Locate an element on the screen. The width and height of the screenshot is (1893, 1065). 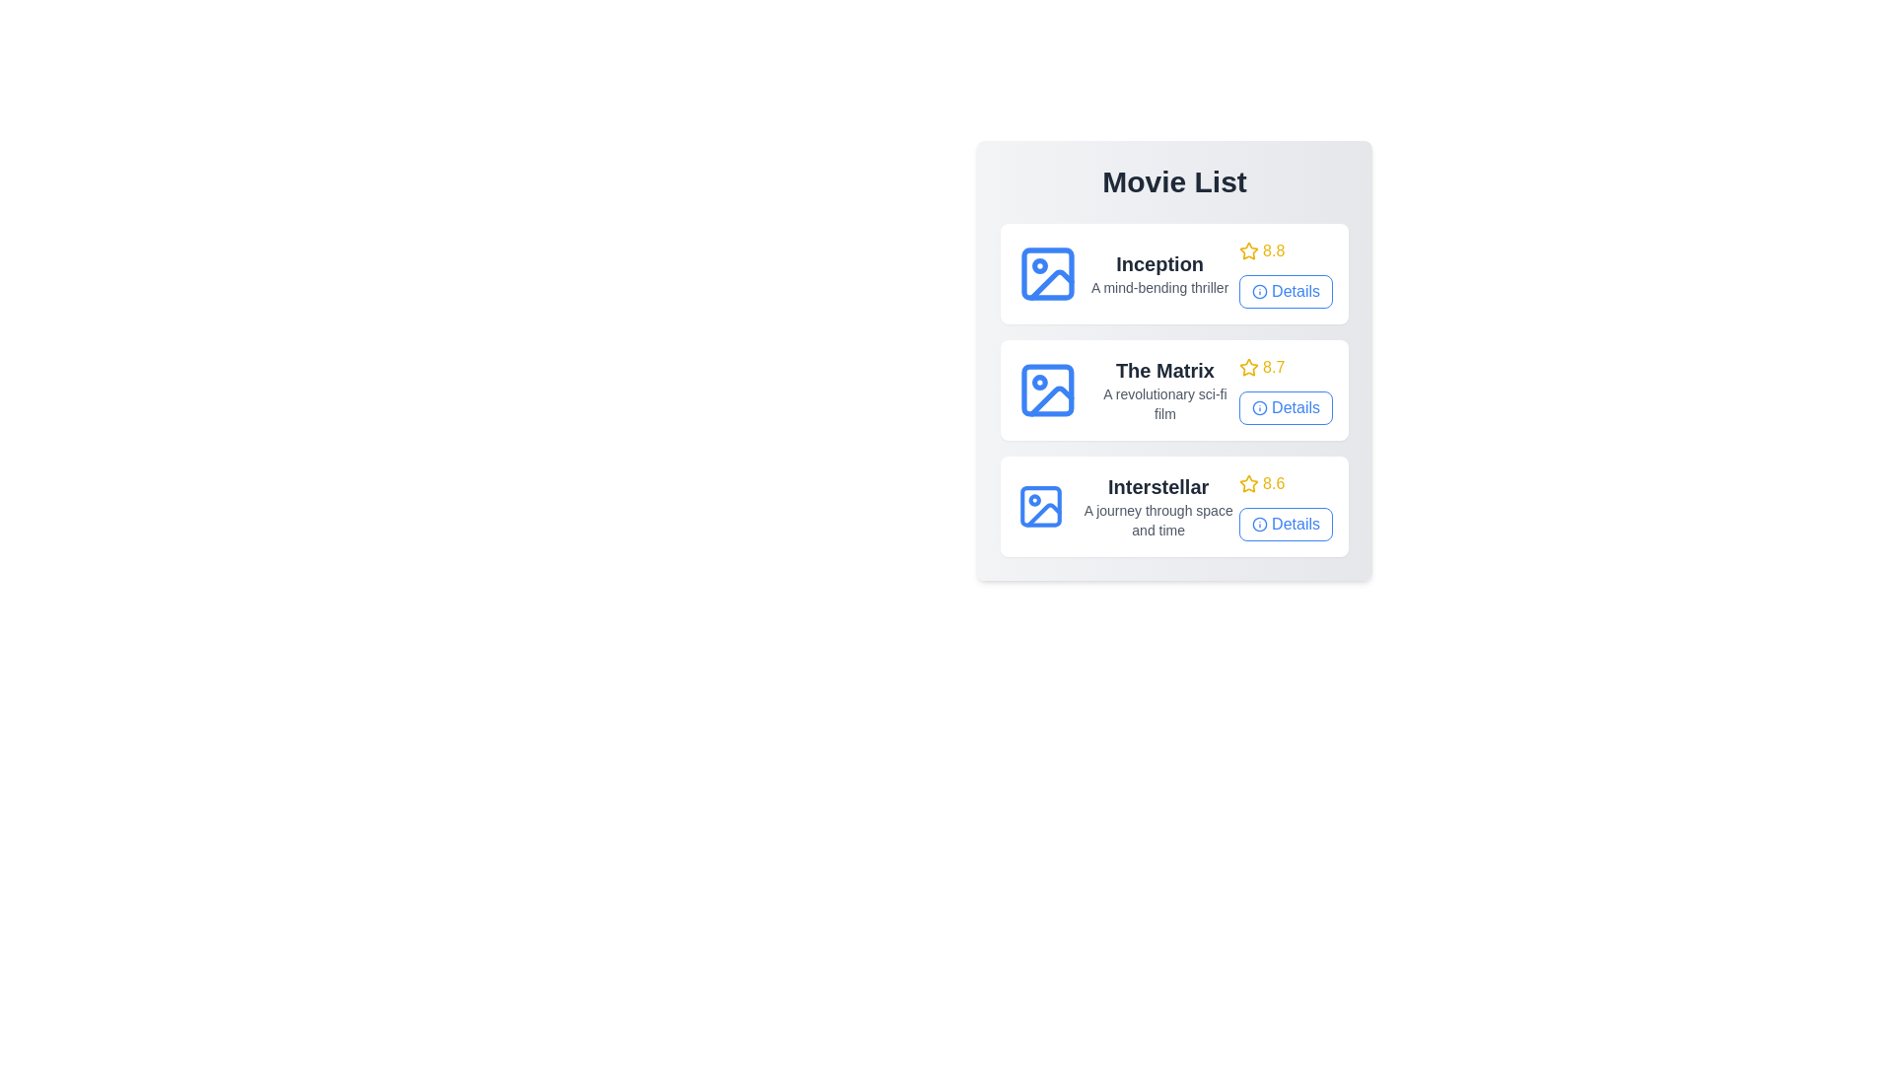
the 'Details' button for the movie Interstellar is located at coordinates (1286, 524).